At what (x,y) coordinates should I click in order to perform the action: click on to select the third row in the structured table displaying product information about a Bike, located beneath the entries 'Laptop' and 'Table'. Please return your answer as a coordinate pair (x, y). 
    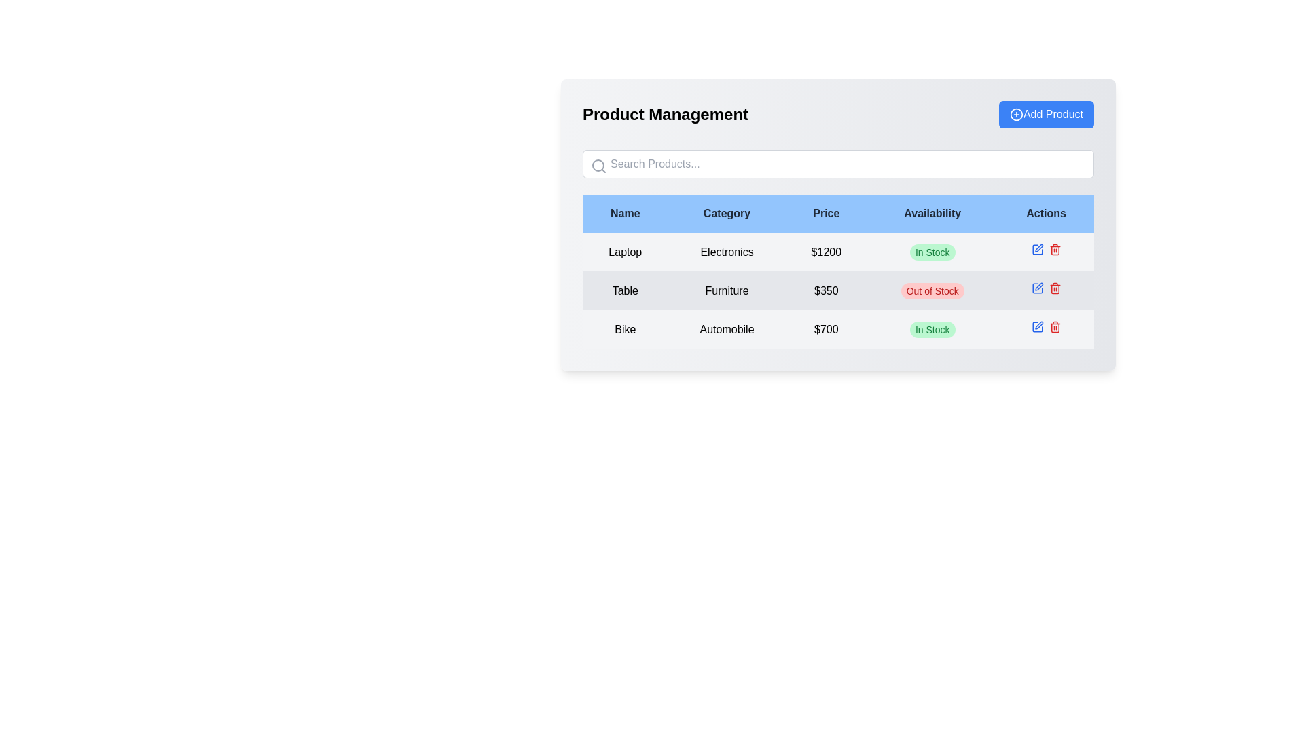
    Looking at the image, I should click on (837, 329).